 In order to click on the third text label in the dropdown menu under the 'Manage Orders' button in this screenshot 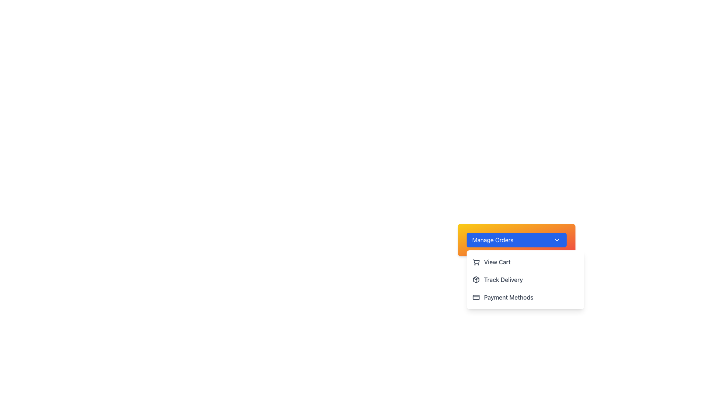, I will do `click(508, 297)`.